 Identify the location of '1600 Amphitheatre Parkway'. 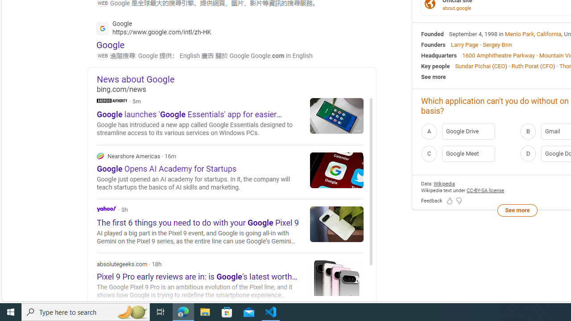
(498, 55).